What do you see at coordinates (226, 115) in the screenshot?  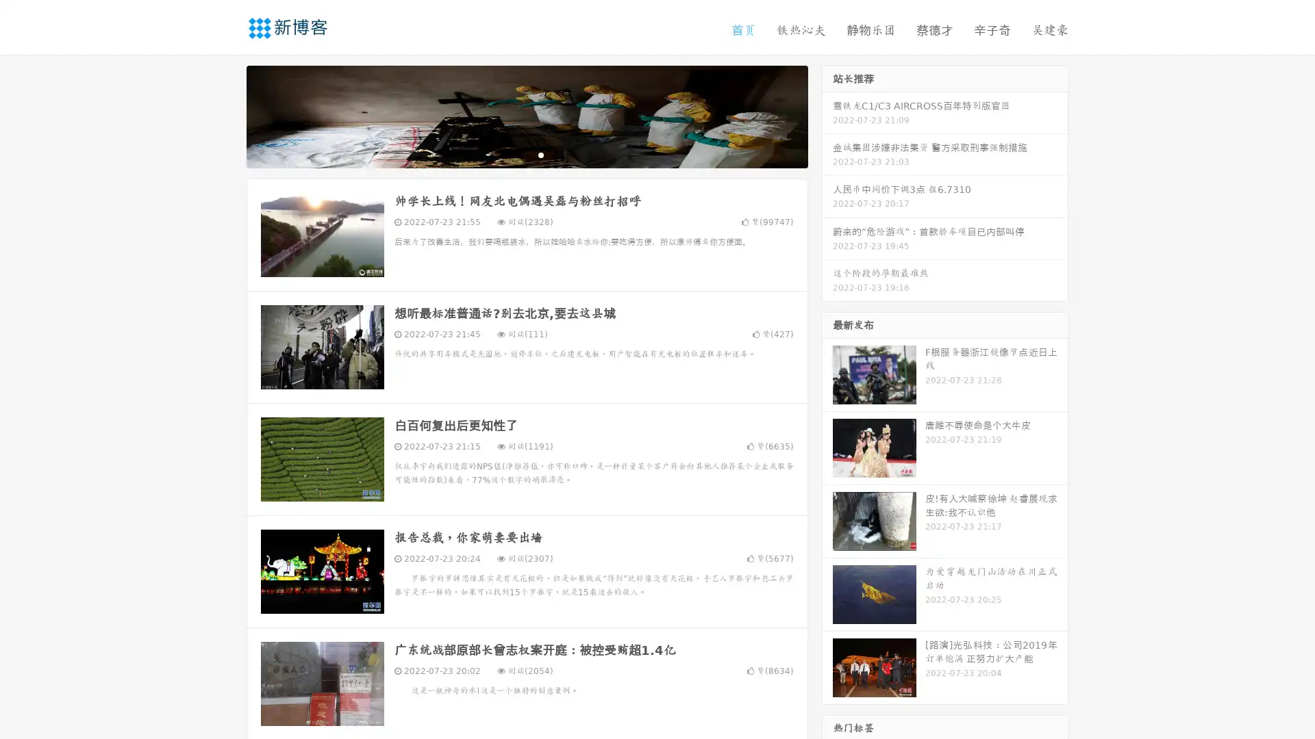 I see `Previous slide` at bounding box center [226, 115].